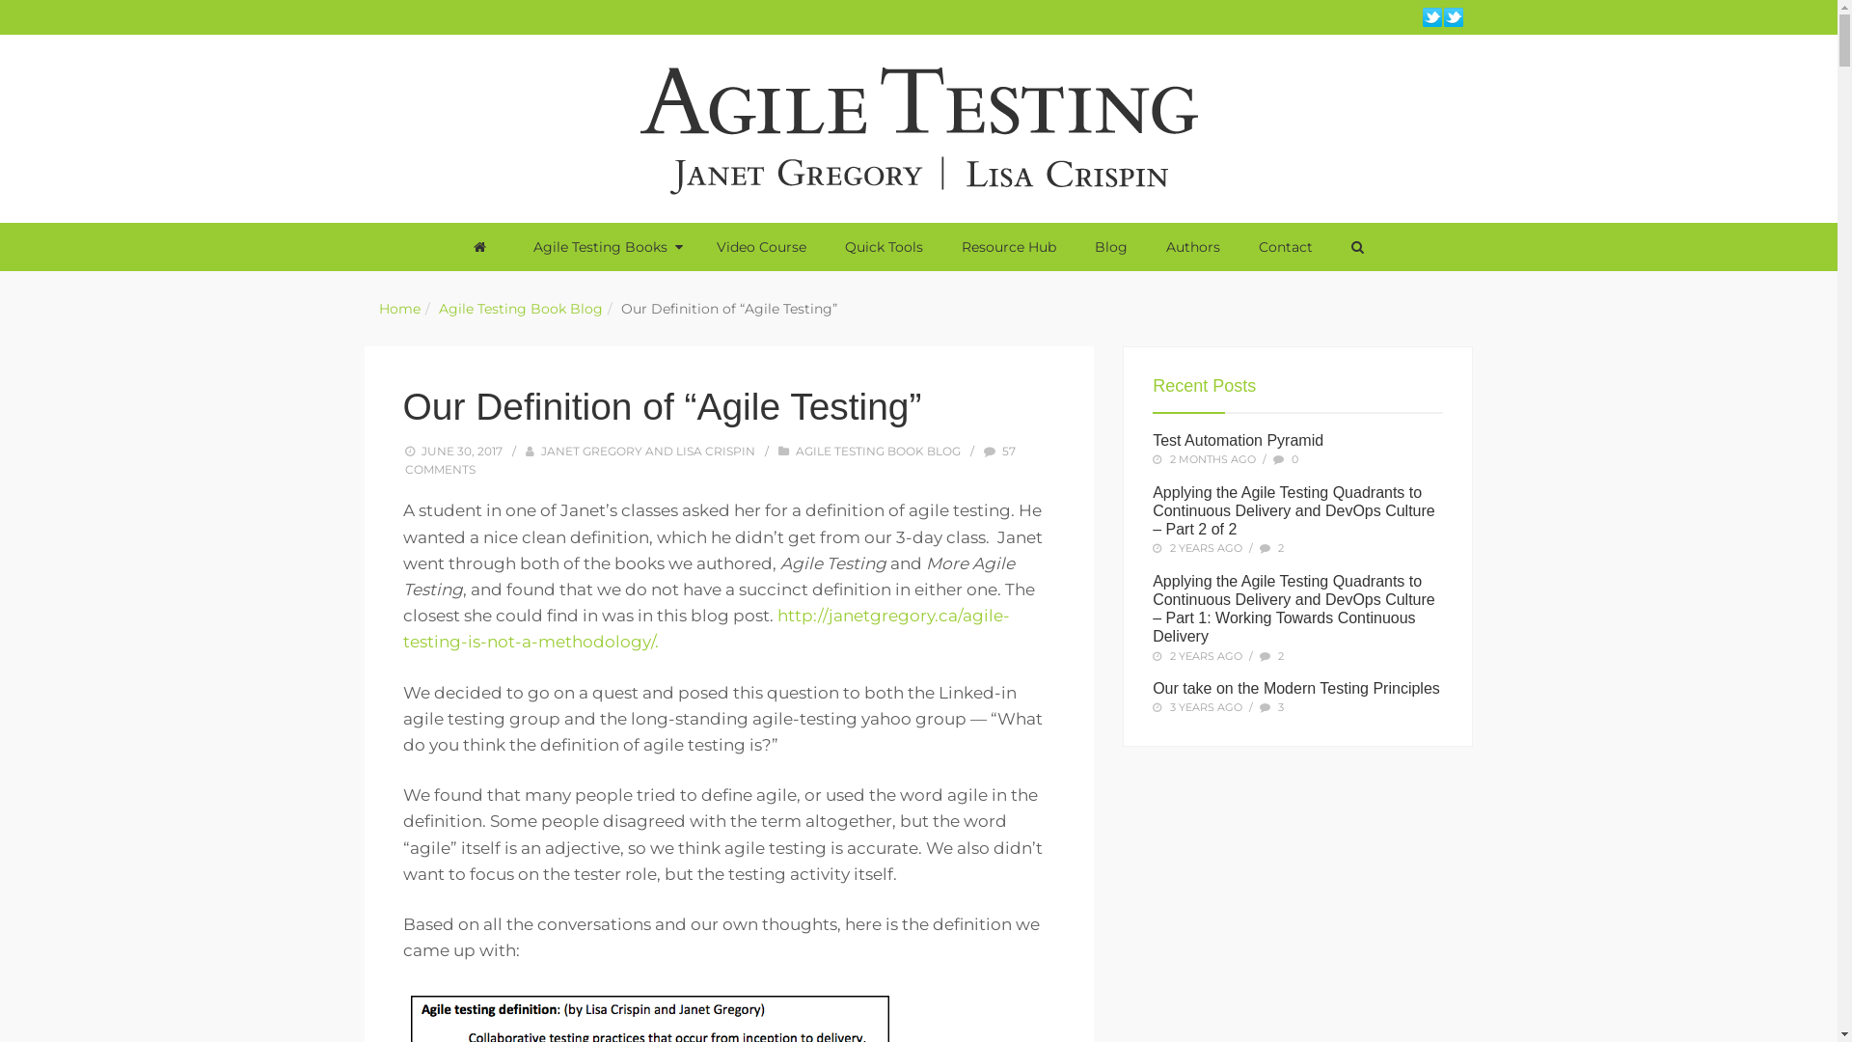 Image resolution: width=1852 pixels, height=1042 pixels. Describe the element at coordinates (1430, 17) in the screenshot. I see `'Twitter | Lisa Crispin'` at that location.